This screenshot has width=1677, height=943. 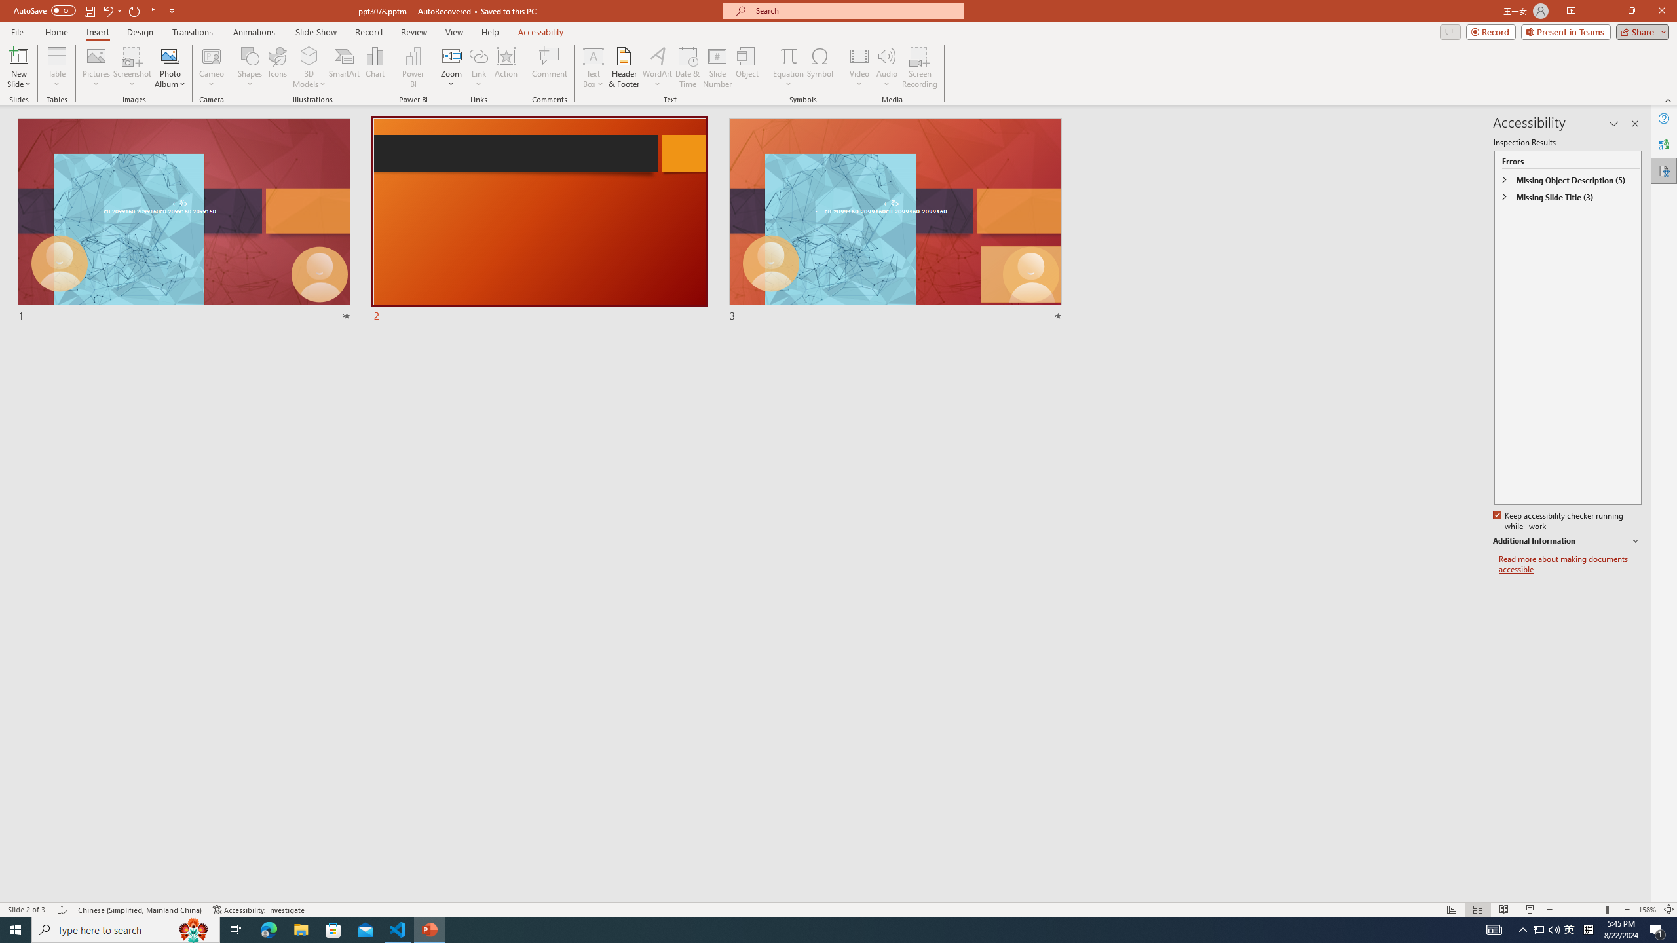 I want to click on 'New Photo Album...', so click(x=169, y=55).